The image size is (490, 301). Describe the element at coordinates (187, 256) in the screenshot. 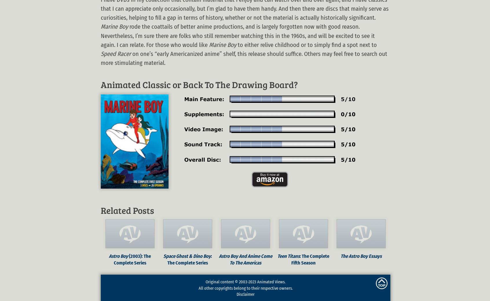

I see `'Space Ghost & Dino Boy'` at that location.